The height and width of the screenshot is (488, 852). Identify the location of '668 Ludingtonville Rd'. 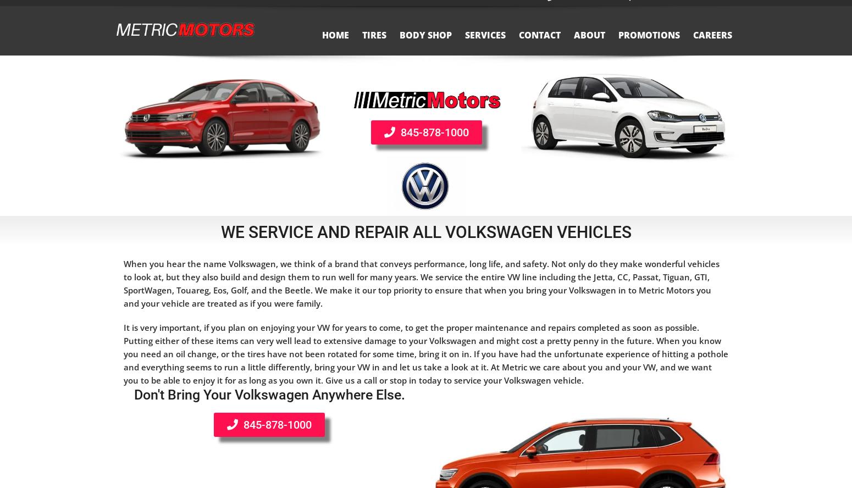
(687, 8).